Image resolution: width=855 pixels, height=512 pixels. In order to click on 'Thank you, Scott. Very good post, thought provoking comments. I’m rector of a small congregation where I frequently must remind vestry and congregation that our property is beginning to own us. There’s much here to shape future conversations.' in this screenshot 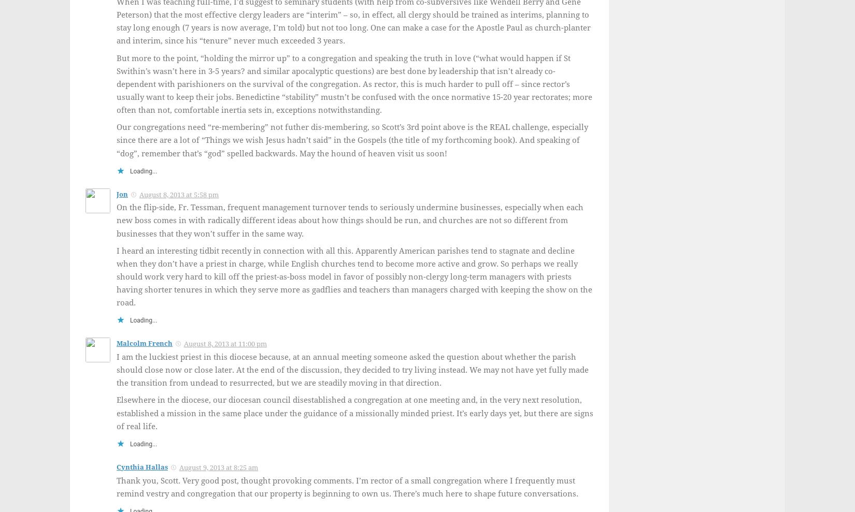, I will do `click(347, 487)`.